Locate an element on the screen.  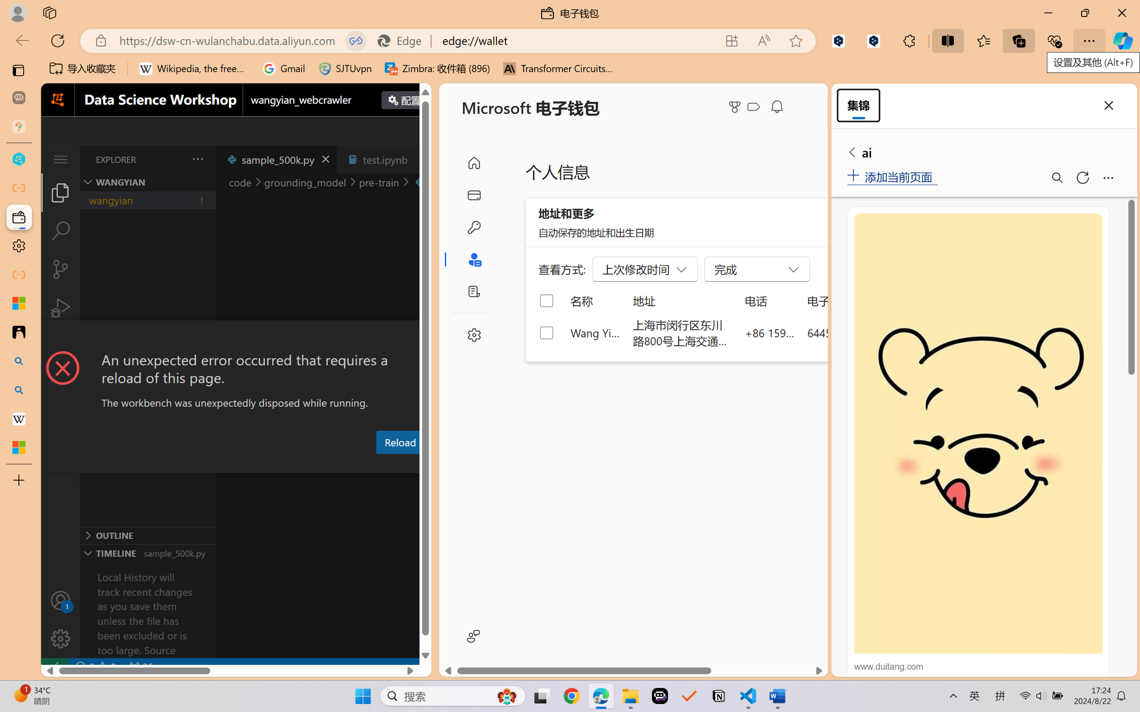
'Microsoft Cashback' is located at coordinates (755, 107).